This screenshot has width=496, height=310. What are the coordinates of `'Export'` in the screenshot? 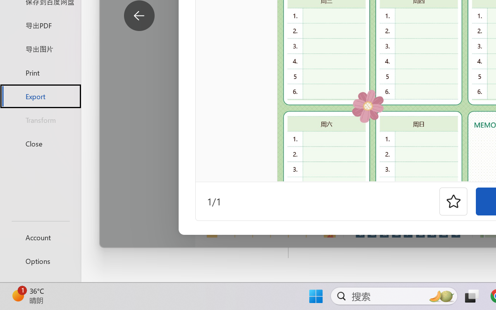 It's located at (40, 96).